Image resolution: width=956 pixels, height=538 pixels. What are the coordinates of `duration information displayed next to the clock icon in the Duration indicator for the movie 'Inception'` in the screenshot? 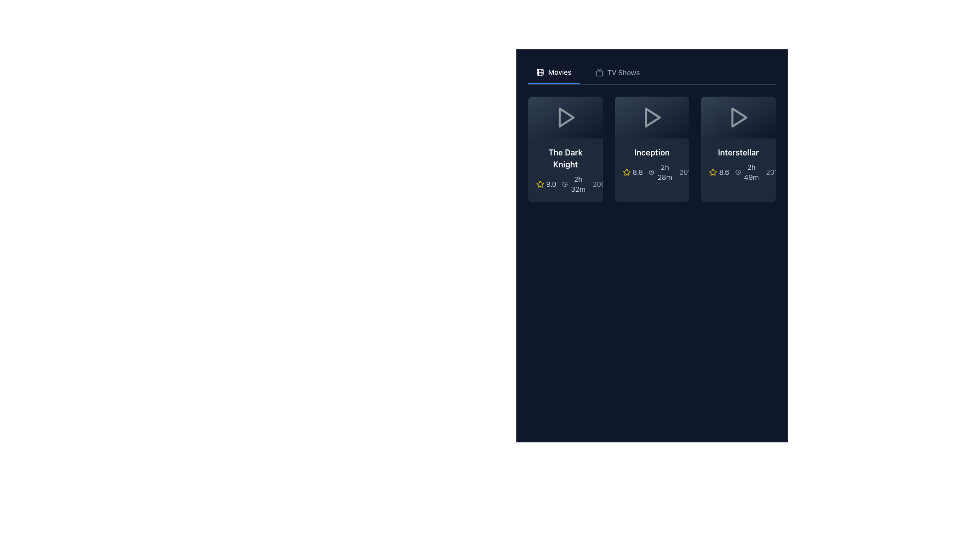 It's located at (661, 172).